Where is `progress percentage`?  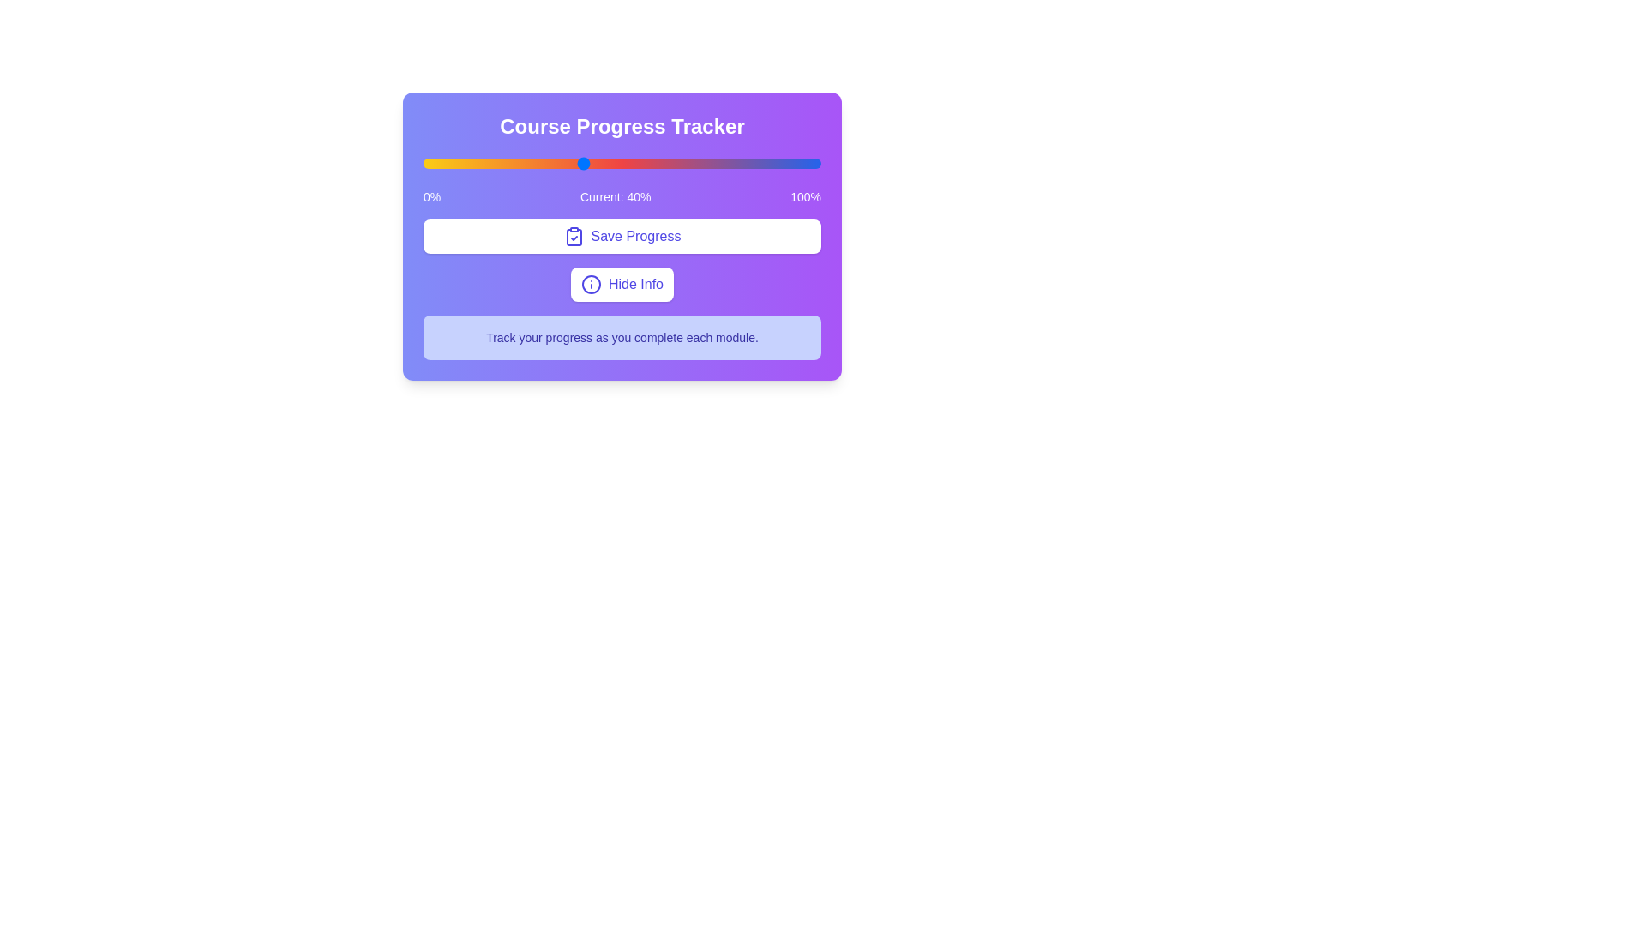
progress percentage is located at coordinates (510, 164).